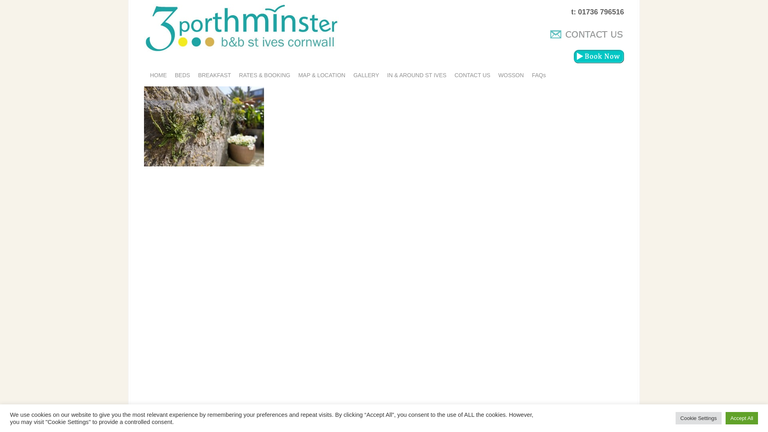 This screenshot has height=432, width=768. Describe the element at coordinates (726, 418) in the screenshot. I see `'Accept All'` at that location.